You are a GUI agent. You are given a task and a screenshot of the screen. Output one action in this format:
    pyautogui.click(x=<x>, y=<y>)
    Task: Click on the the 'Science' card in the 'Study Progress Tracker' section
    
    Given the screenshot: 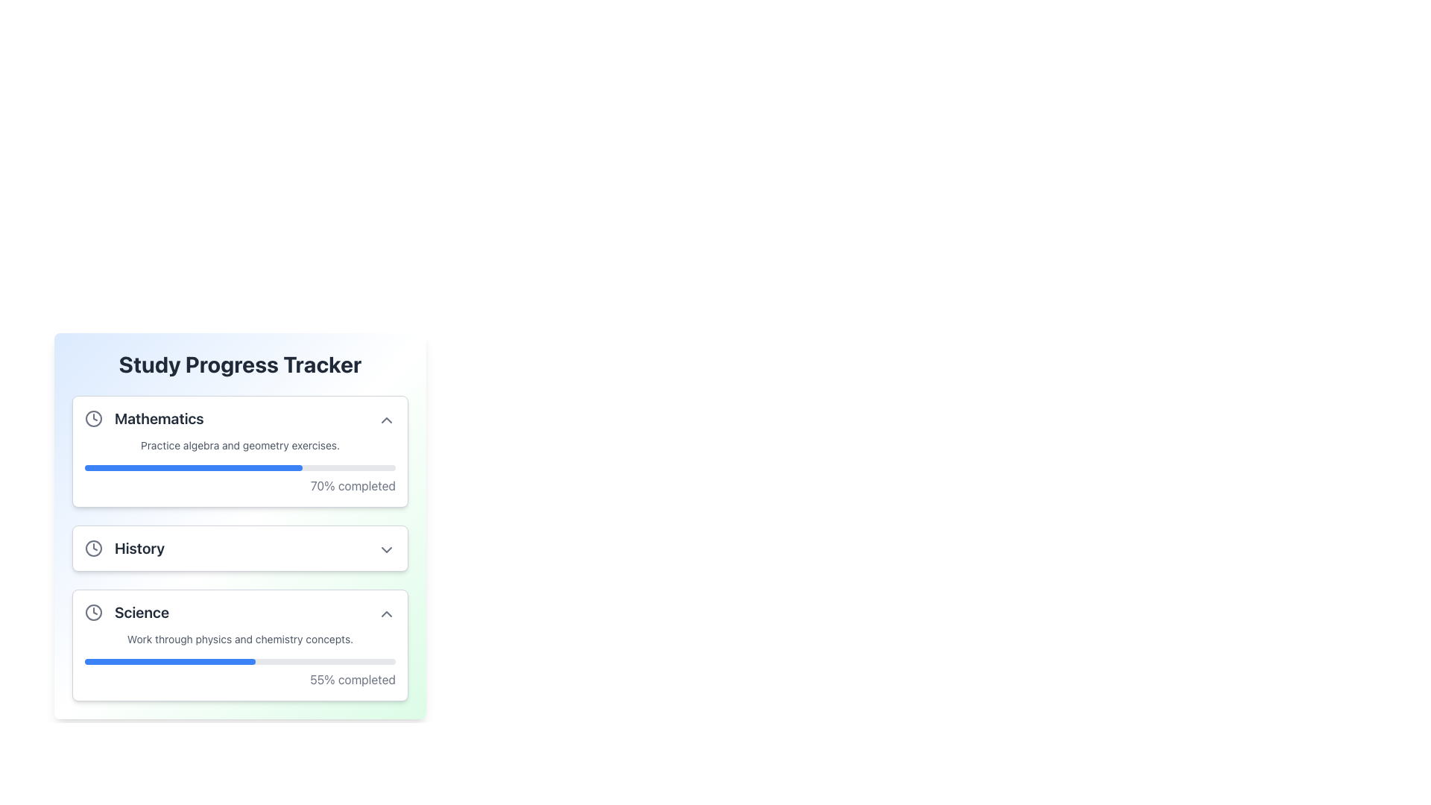 What is the action you would take?
    pyautogui.click(x=240, y=645)
    